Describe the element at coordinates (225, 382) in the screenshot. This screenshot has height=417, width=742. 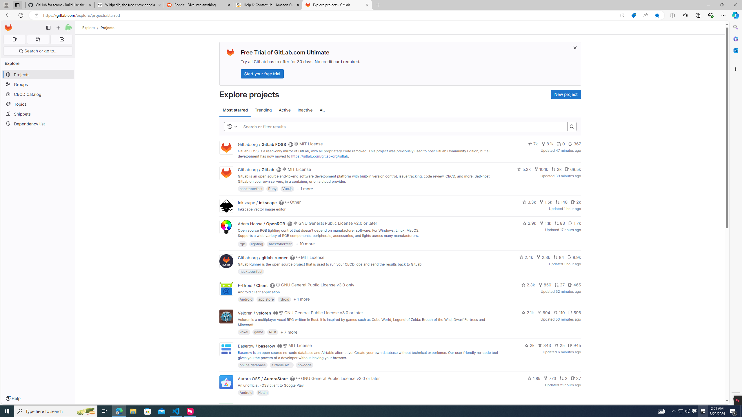
I see `'Class: project'` at that location.